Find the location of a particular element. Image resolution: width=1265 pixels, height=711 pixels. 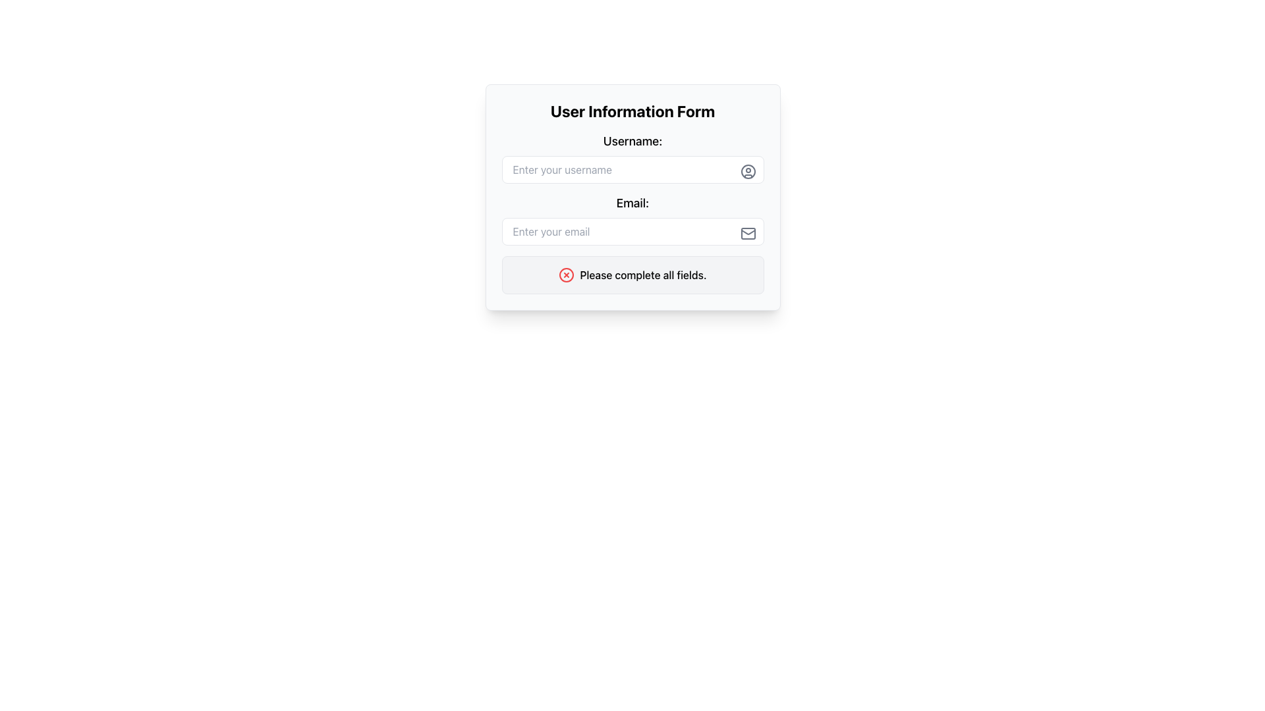

the user-related icon located on the right edge of the username input field in the top form of the layout is located at coordinates (748, 171).